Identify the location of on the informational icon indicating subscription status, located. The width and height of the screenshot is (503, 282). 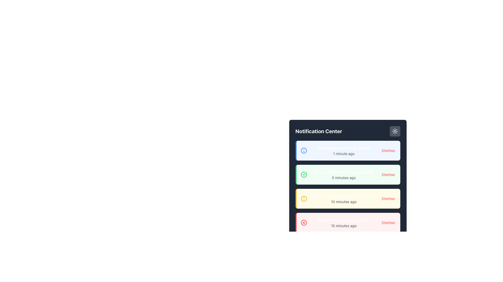
(304, 151).